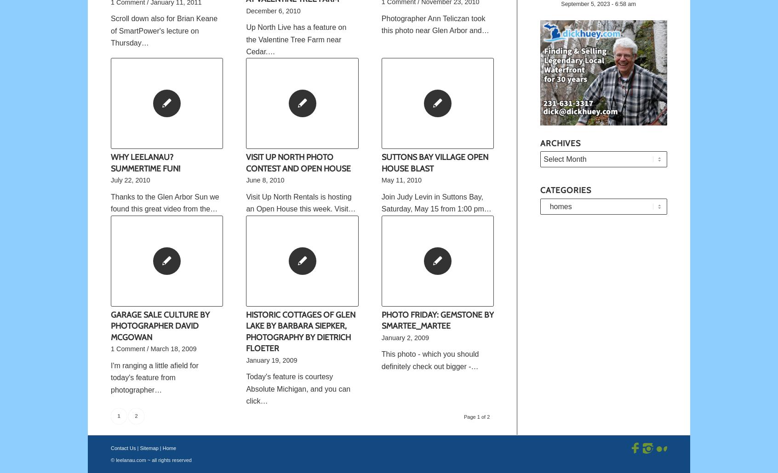 The height and width of the screenshot is (473, 778). What do you see at coordinates (273, 11) in the screenshot?
I see `'December 6, 2010'` at bounding box center [273, 11].